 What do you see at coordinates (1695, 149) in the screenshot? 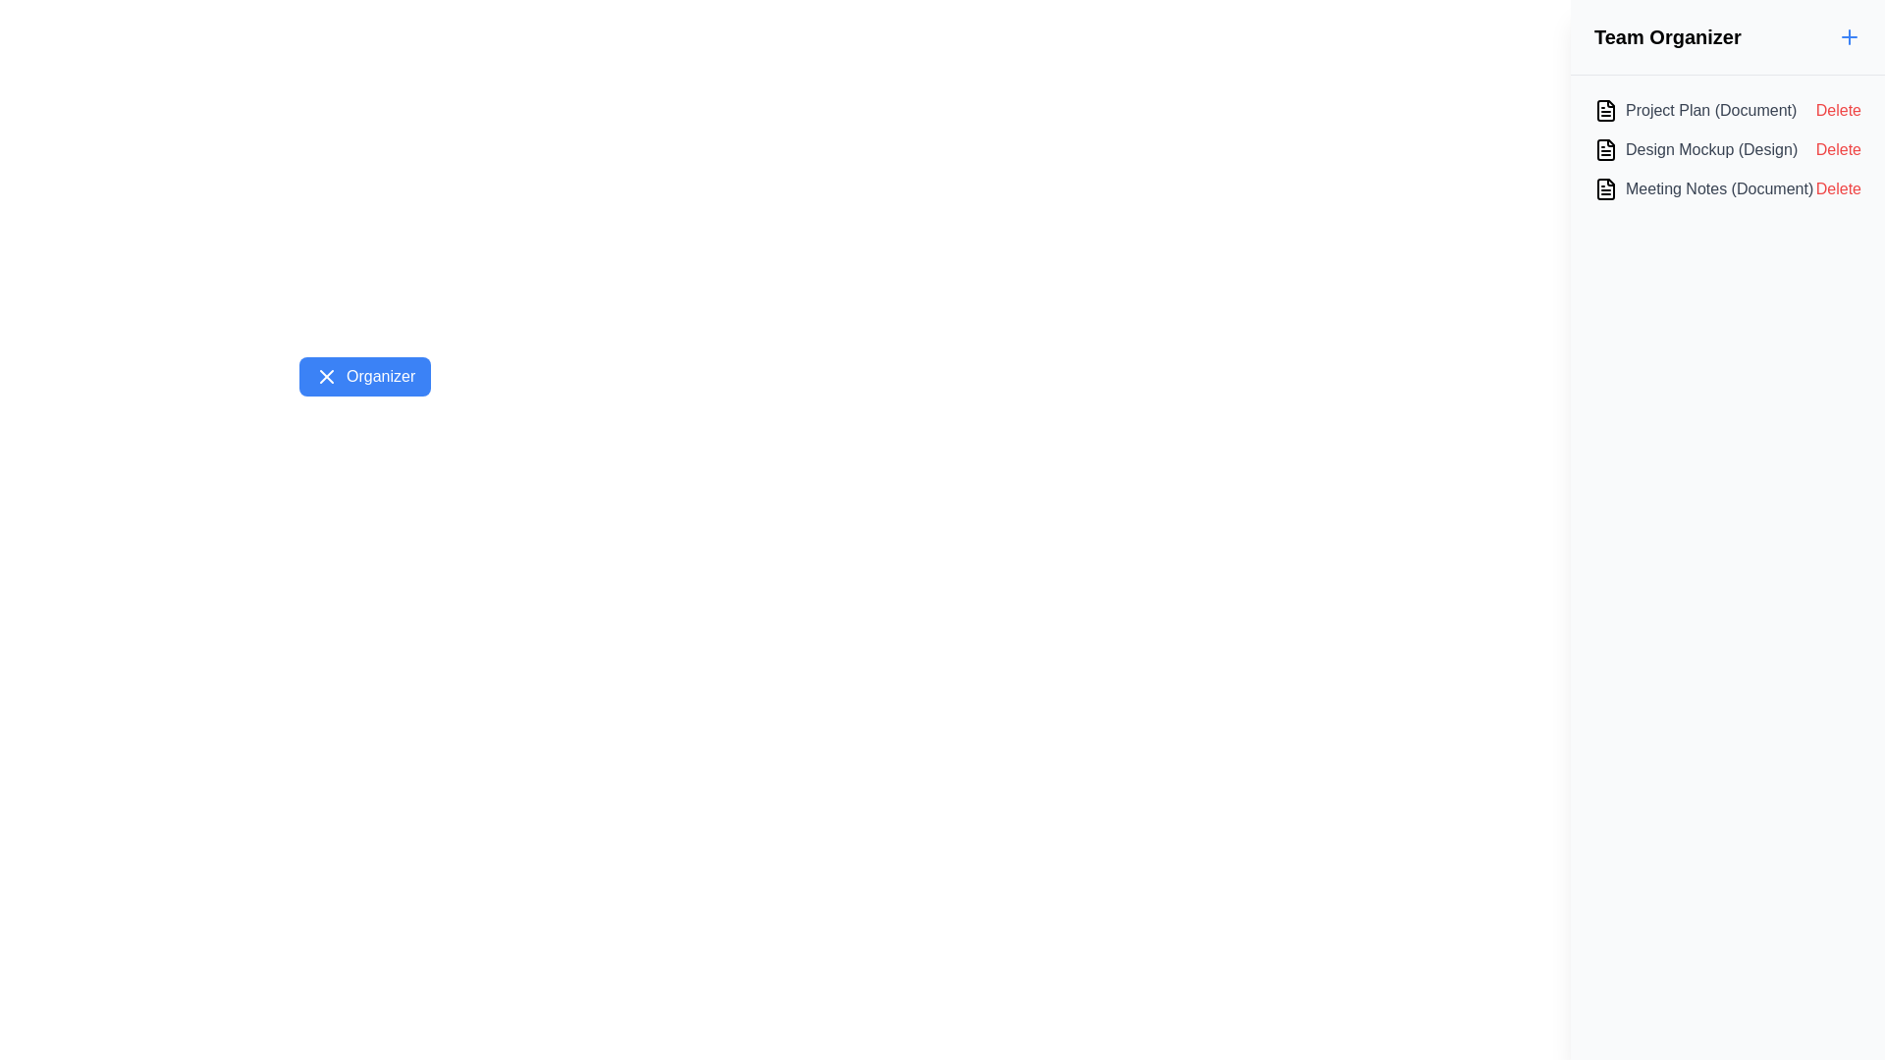
I see `the list item displaying 'Design Mockup (Design)' in the right sidebar` at bounding box center [1695, 149].